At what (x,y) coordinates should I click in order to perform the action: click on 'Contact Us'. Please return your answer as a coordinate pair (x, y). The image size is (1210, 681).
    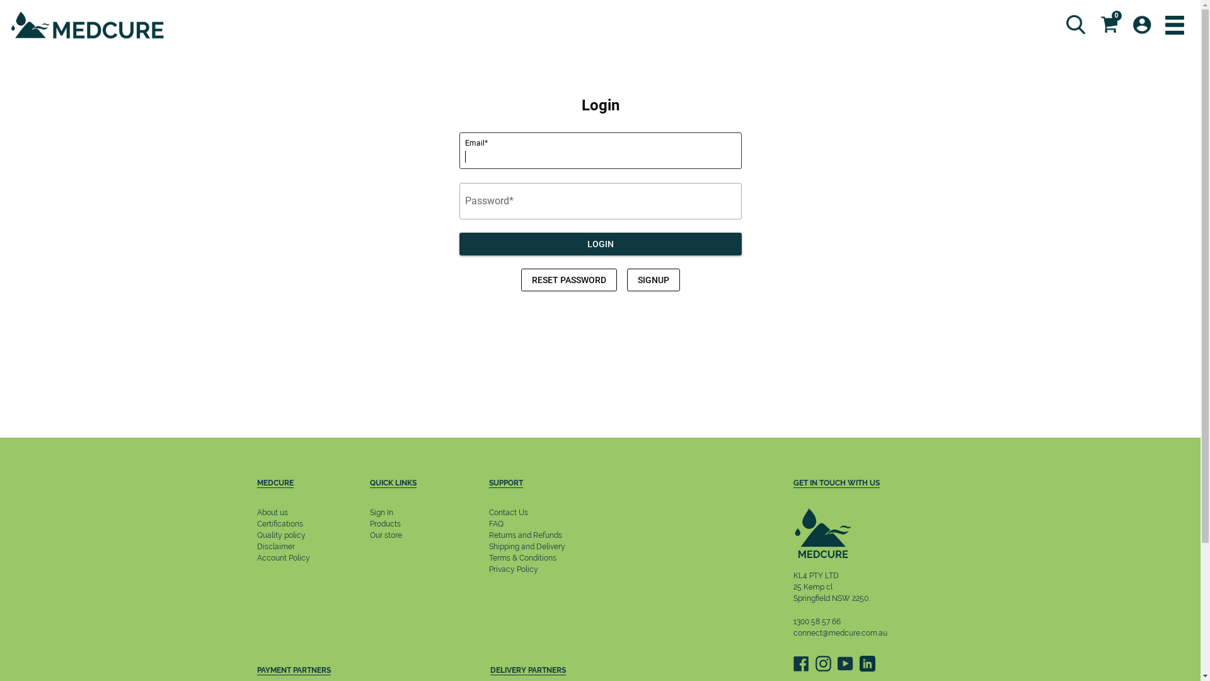
    Looking at the image, I should click on (508, 513).